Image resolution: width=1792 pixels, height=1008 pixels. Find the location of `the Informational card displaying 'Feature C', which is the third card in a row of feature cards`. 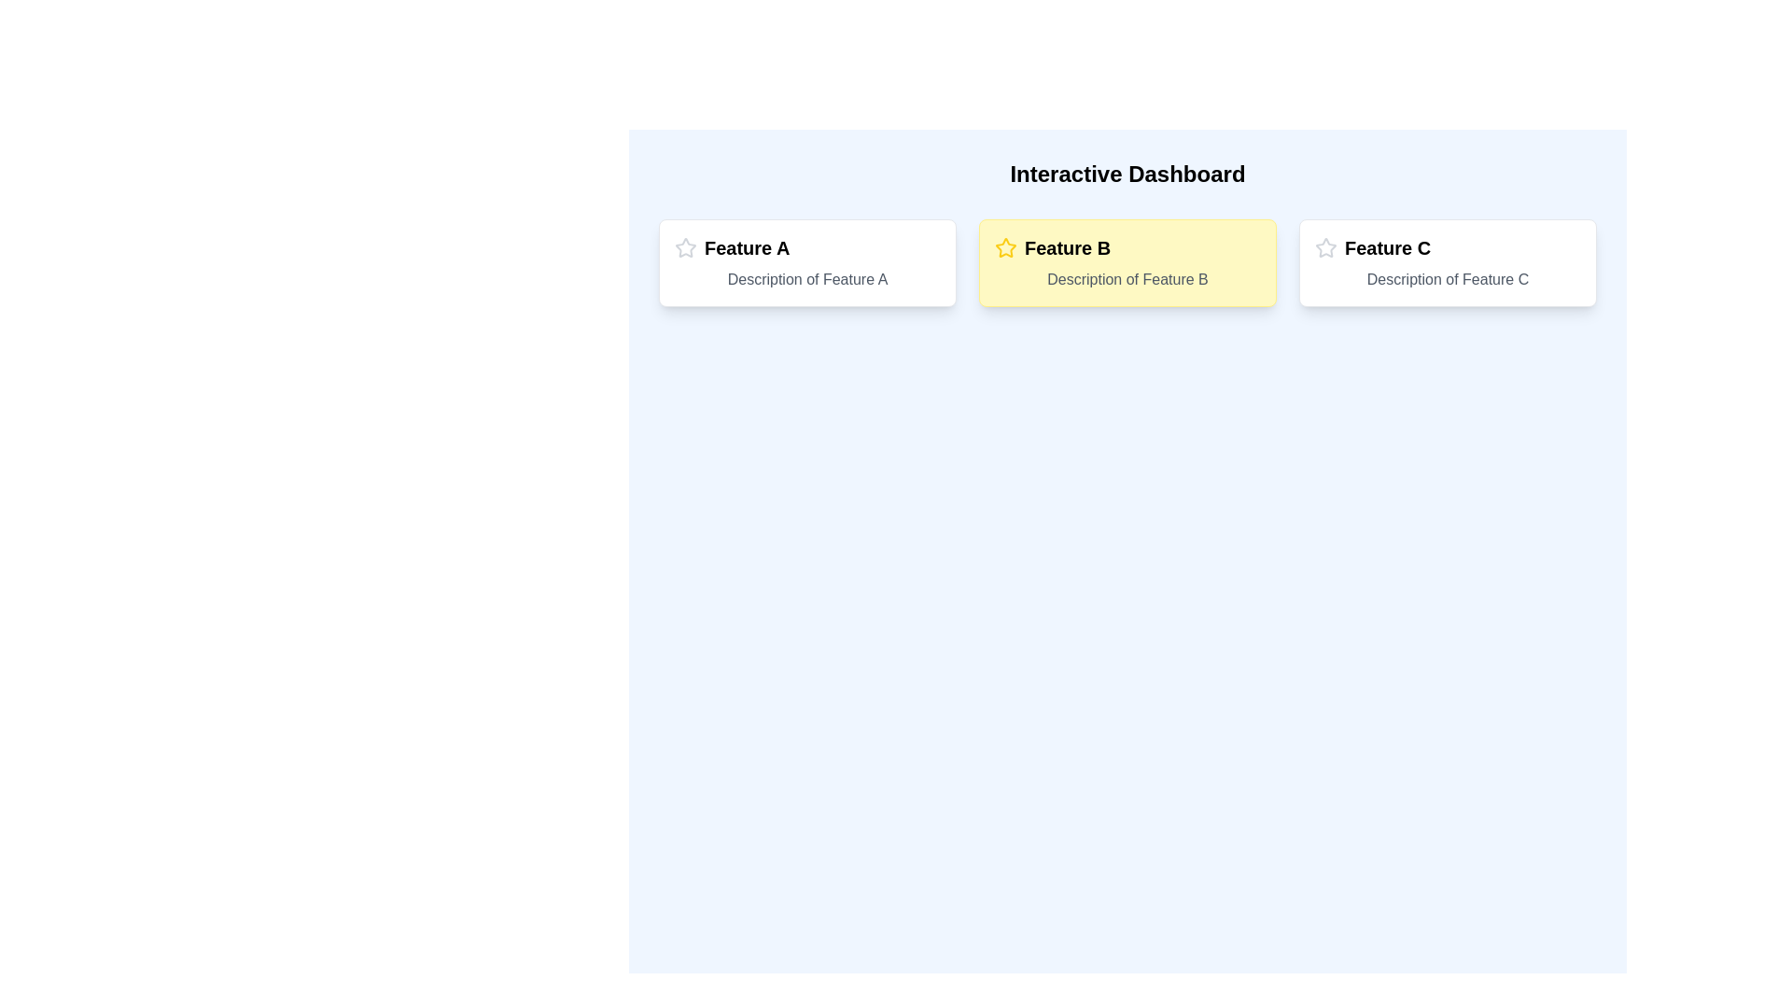

the Informational card displaying 'Feature C', which is the third card in a row of feature cards is located at coordinates (1447, 262).